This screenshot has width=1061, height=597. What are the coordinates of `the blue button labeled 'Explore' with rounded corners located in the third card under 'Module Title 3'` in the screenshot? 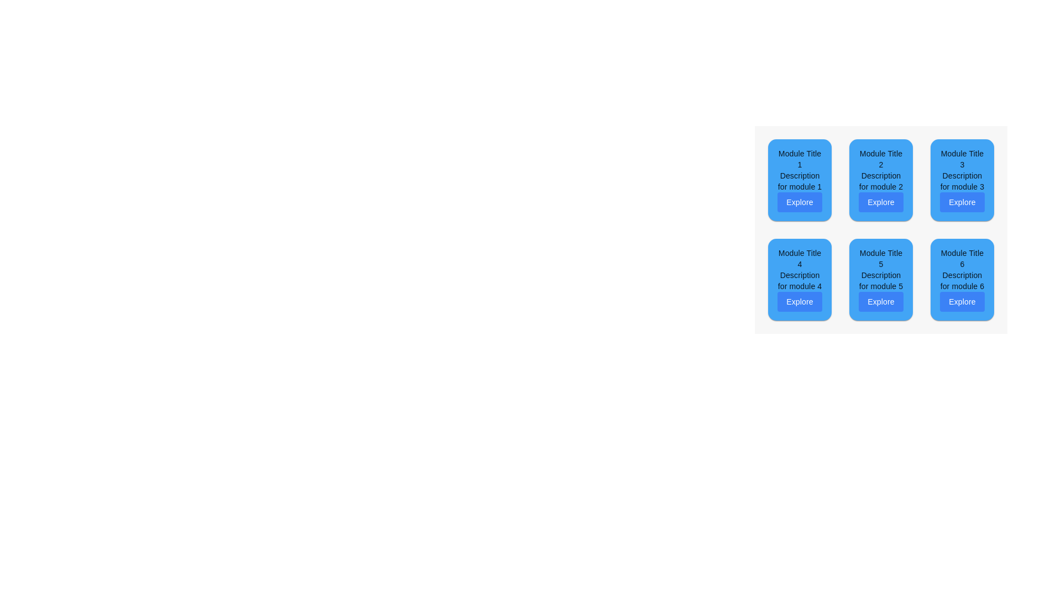 It's located at (962, 202).